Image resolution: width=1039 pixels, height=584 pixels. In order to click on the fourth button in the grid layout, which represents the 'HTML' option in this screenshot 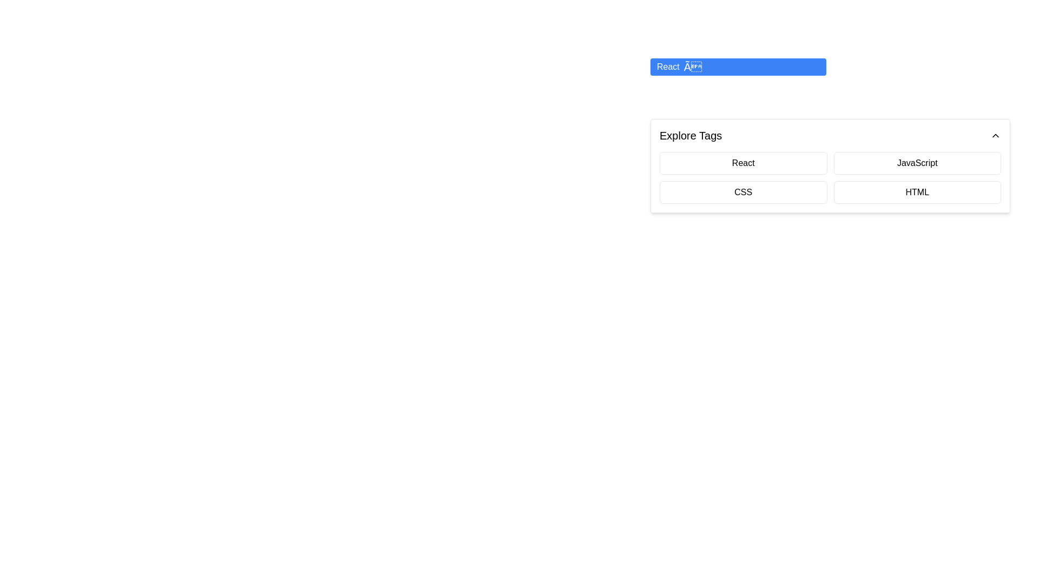, I will do `click(917, 191)`.